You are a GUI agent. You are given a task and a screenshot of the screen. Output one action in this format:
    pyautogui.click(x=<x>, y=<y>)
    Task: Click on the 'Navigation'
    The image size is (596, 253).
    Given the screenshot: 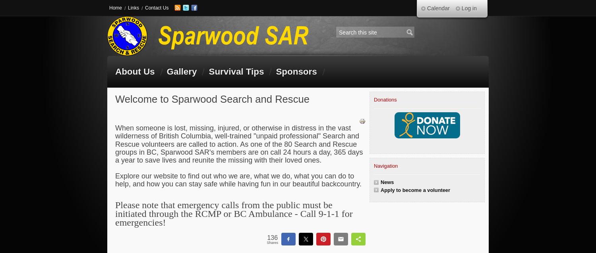 What is the action you would take?
    pyautogui.click(x=385, y=165)
    